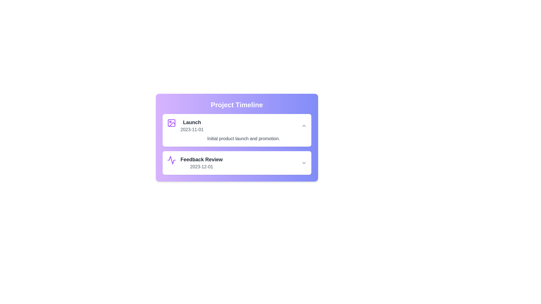 Image resolution: width=541 pixels, height=304 pixels. Describe the element at coordinates (303, 163) in the screenshot. I see `the Chevron icon (dropdown toggle) located on the far-right side of the 'Feedback Review' line item in the 'Project Timeline' section` at that location.